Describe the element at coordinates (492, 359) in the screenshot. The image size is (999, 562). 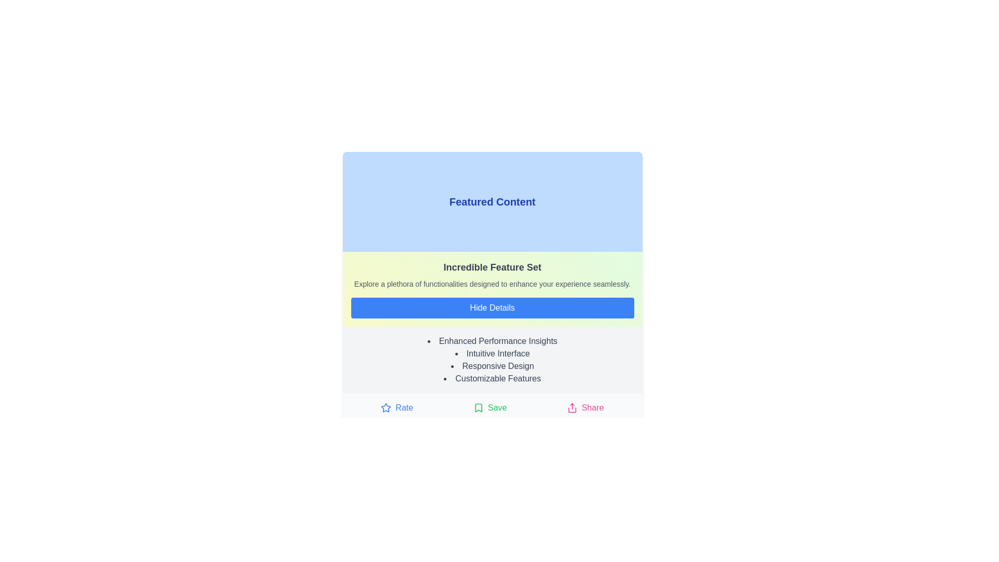
I see `the List Display section containing a bulleted list of four text items, which is located below the 'Hide Details' button and above the options labeled 'Rate', 'Save', and 'Share'` at that location.